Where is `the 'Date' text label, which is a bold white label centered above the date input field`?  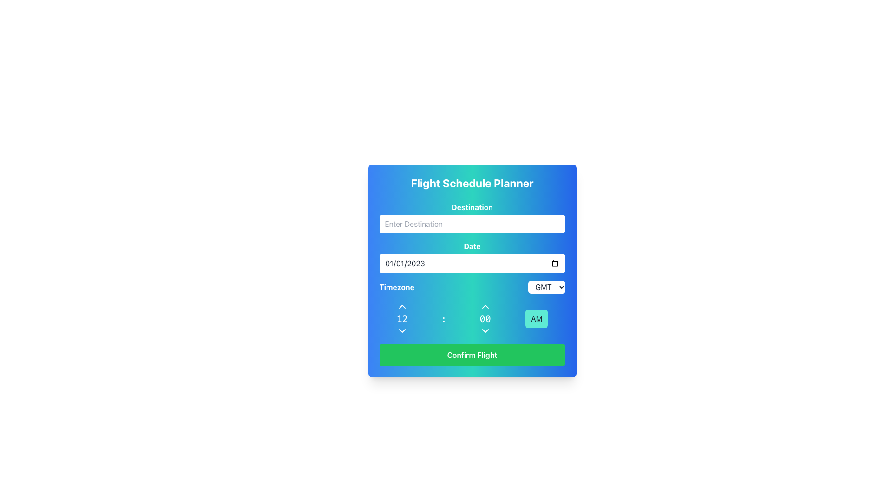
the 'Date' text label, which is a bold white label centered above the date input field is located at coordinates (472, 245).